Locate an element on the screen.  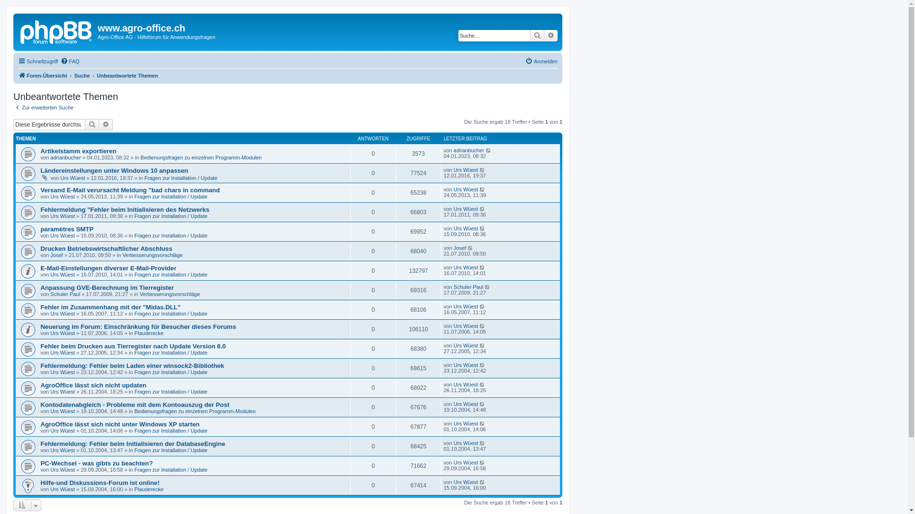
'Erweiterte Suche' is located at coordinates (551, 35).